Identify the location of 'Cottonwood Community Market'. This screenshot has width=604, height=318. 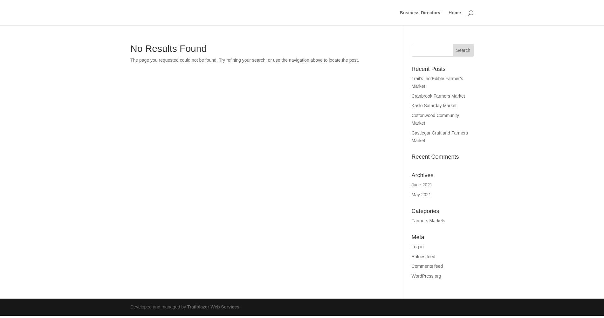
(435, 119).